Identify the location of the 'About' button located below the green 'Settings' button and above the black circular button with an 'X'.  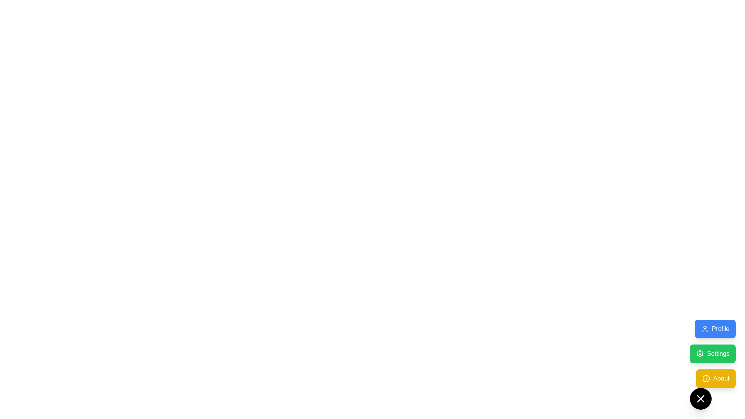
(716, 378).